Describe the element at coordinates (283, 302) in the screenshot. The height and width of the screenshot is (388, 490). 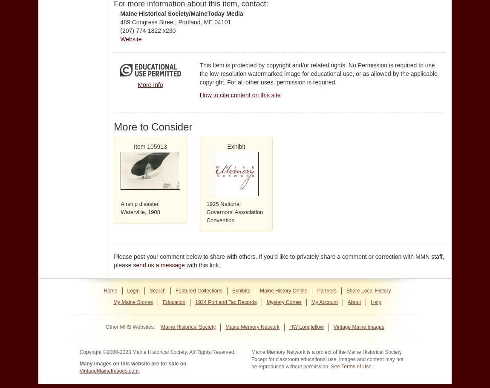
I see `'Mystery Corner'` at that location.